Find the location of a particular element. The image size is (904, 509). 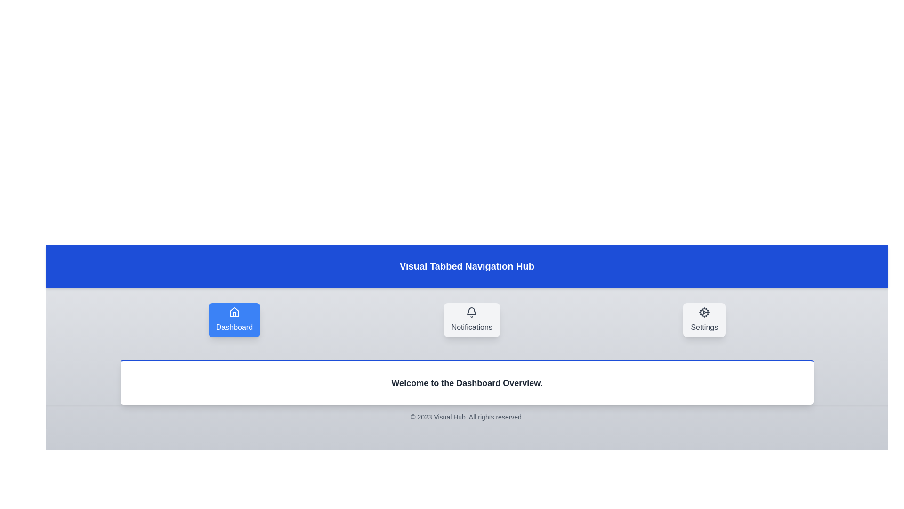

the third button from the left in the horizontal row of buttons is located at coordinates (704, 319).